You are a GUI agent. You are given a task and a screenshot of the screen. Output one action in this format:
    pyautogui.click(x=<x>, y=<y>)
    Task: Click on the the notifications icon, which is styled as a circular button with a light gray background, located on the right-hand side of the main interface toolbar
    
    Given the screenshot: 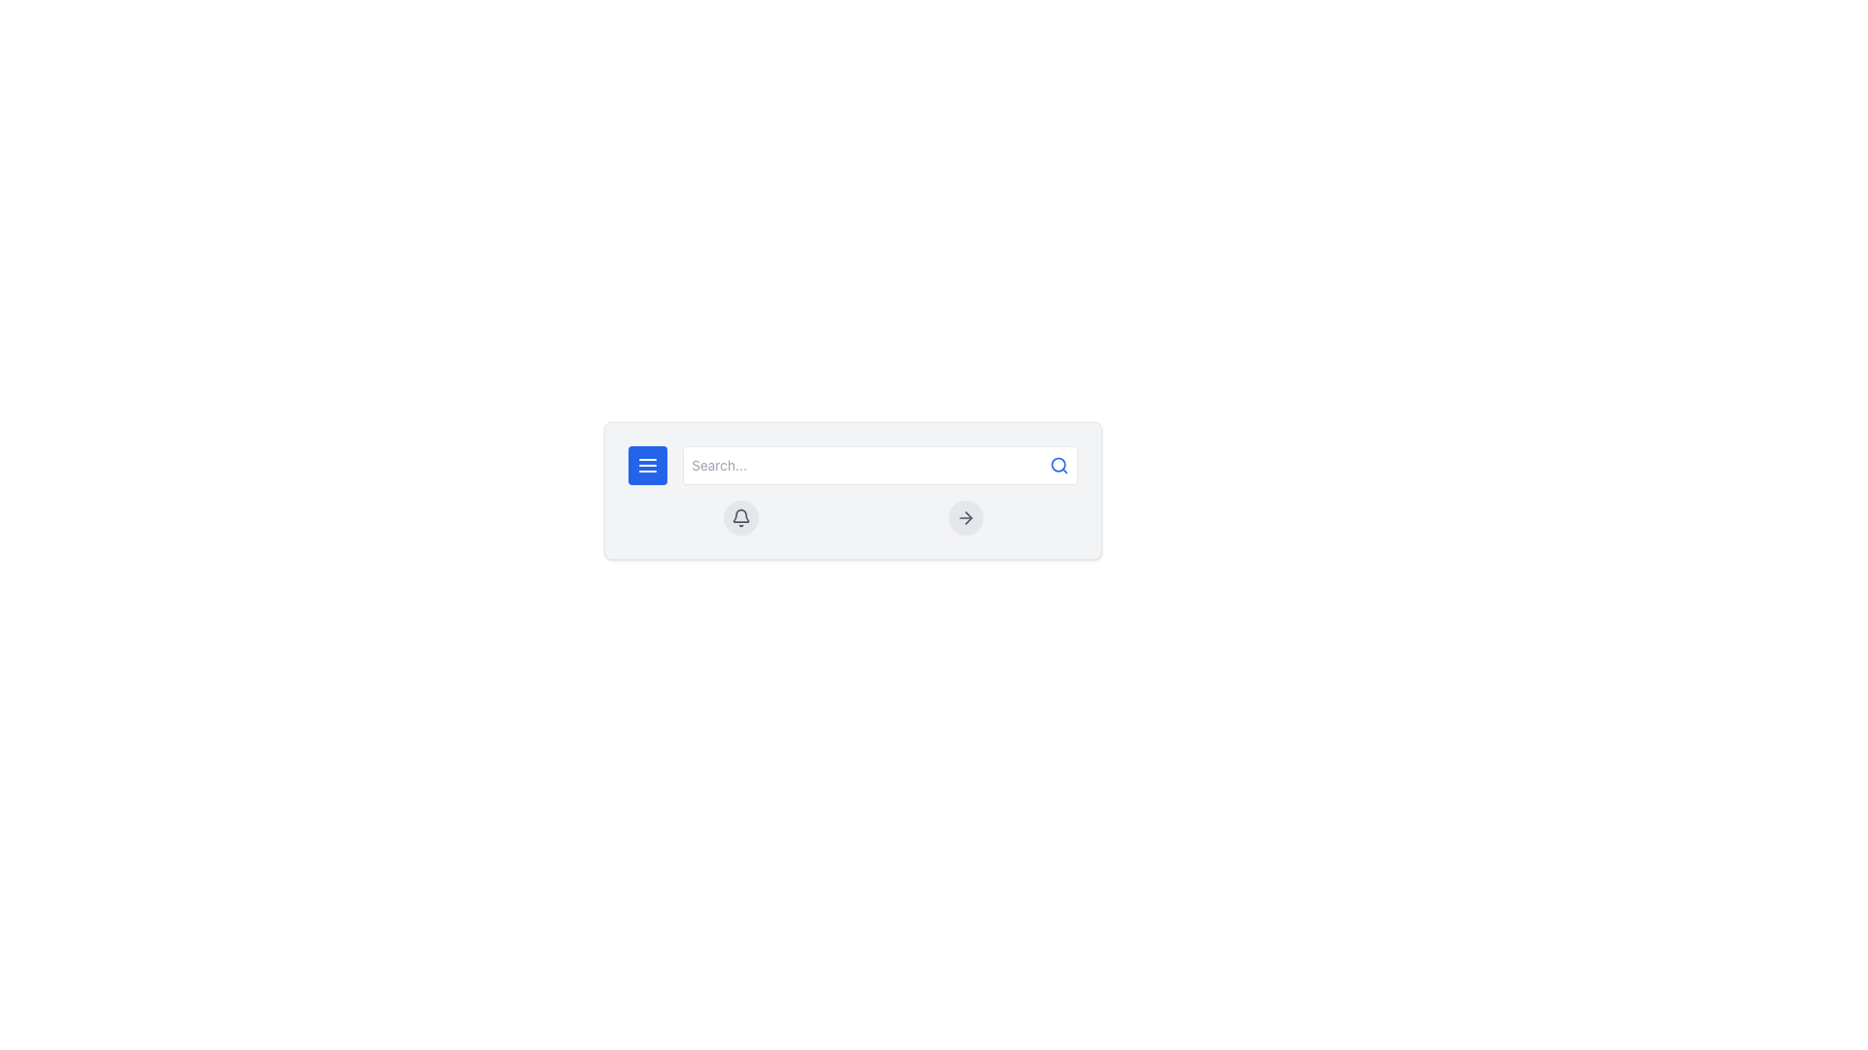 What is the action you would take?
    pyautogui.click(x=739, y=516)
    